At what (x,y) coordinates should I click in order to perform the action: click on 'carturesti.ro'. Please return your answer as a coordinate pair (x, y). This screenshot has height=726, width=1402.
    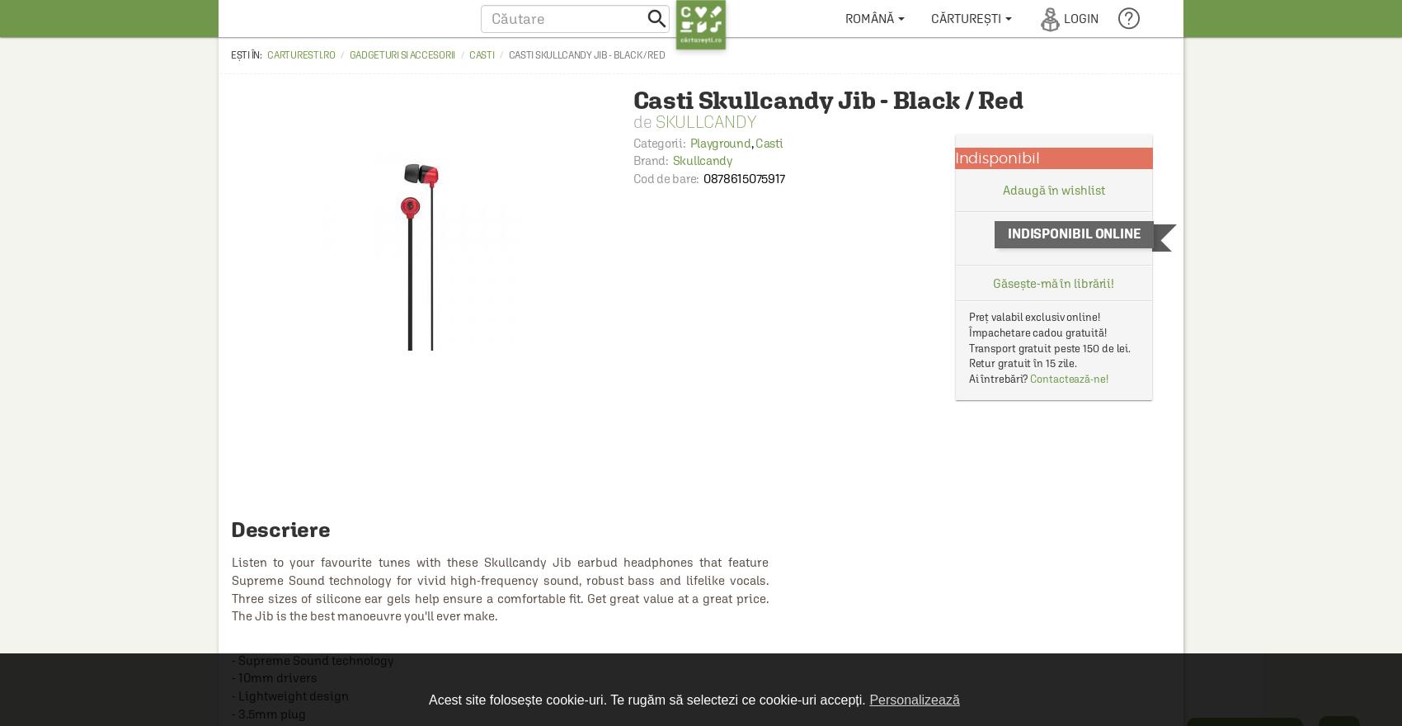
    Looking at the image, I should click on (299, 54).